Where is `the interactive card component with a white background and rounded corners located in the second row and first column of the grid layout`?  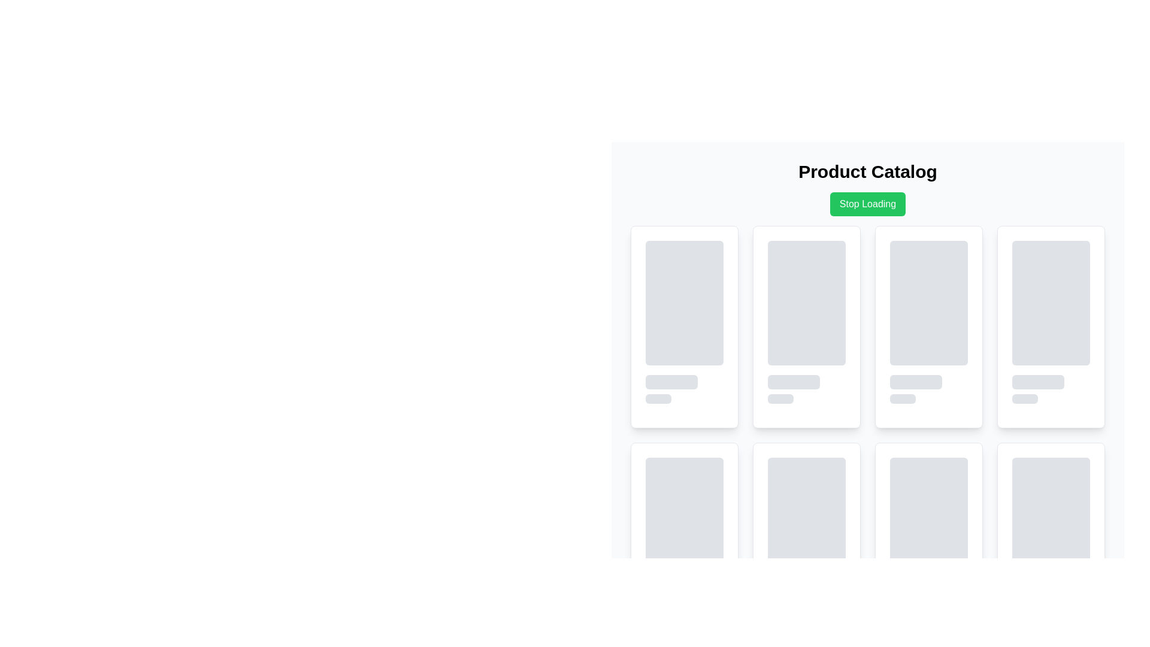
the interactive card component with a white background and rounded corners located in the second row and first column of the grid layout is located at coordinates (684, 543).